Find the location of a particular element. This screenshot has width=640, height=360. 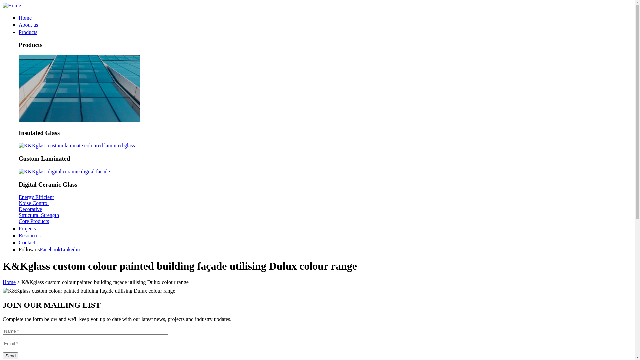

'Contact' is located at coordinates (27, 242).